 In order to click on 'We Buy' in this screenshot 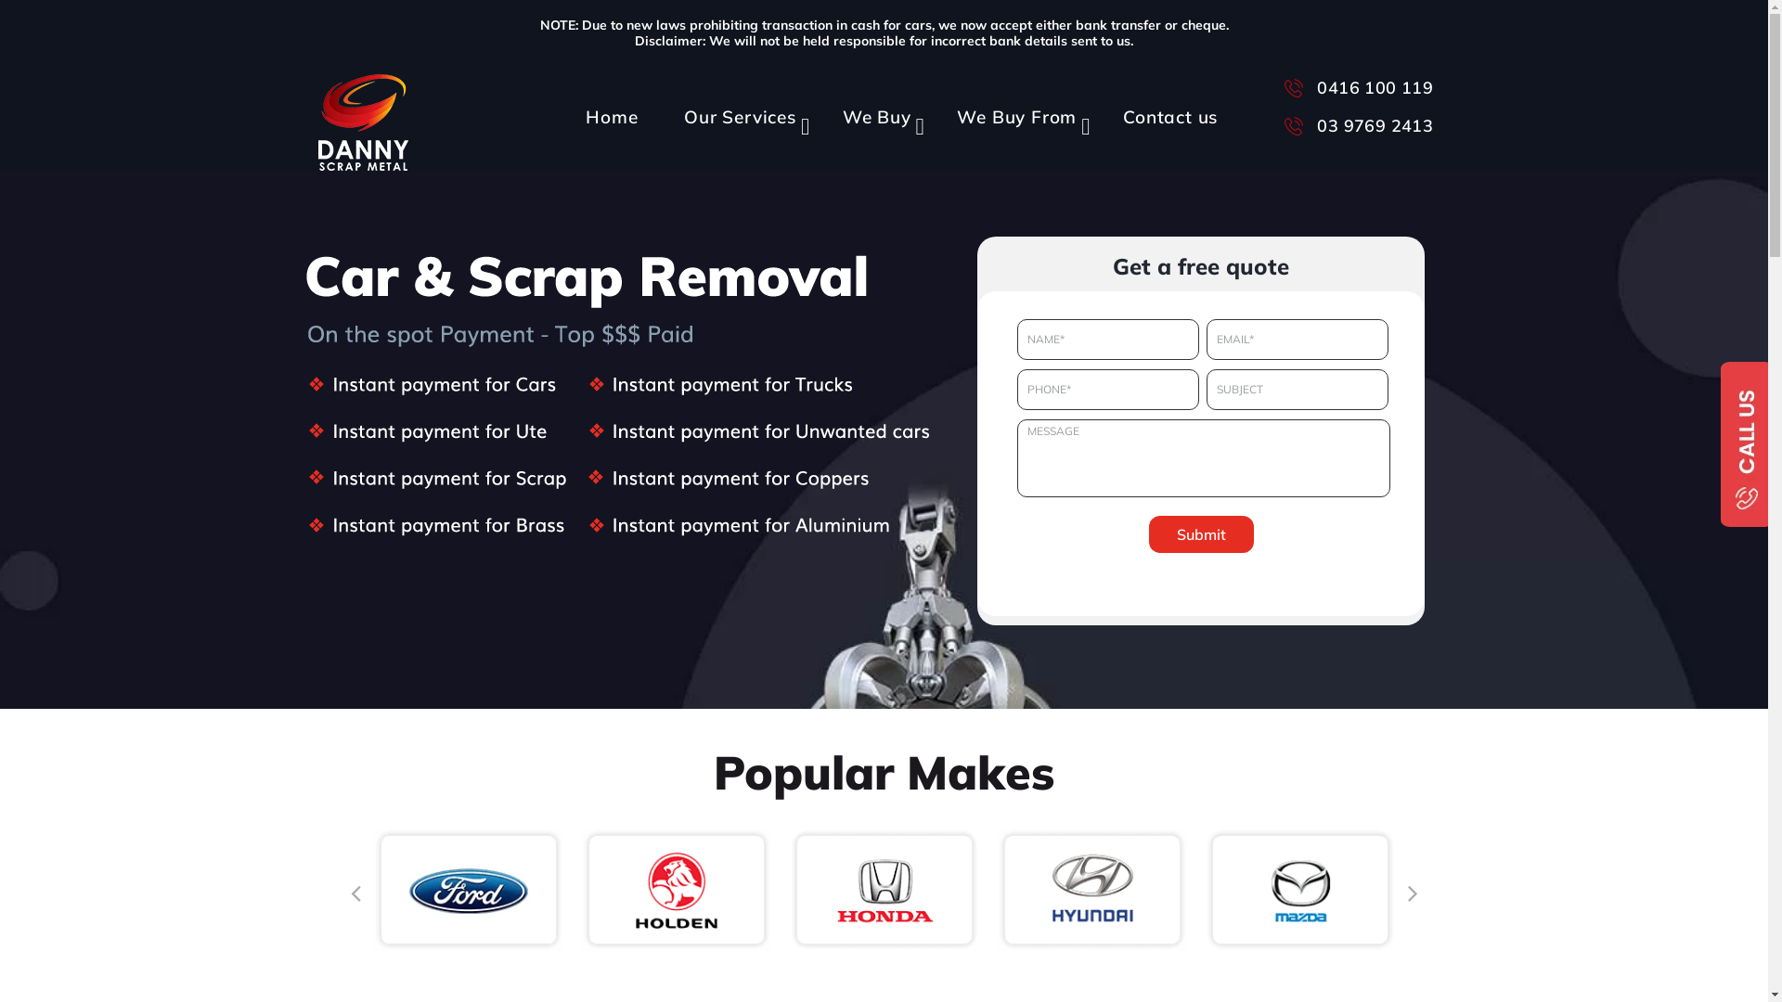, I will do `click(872, 107)`.